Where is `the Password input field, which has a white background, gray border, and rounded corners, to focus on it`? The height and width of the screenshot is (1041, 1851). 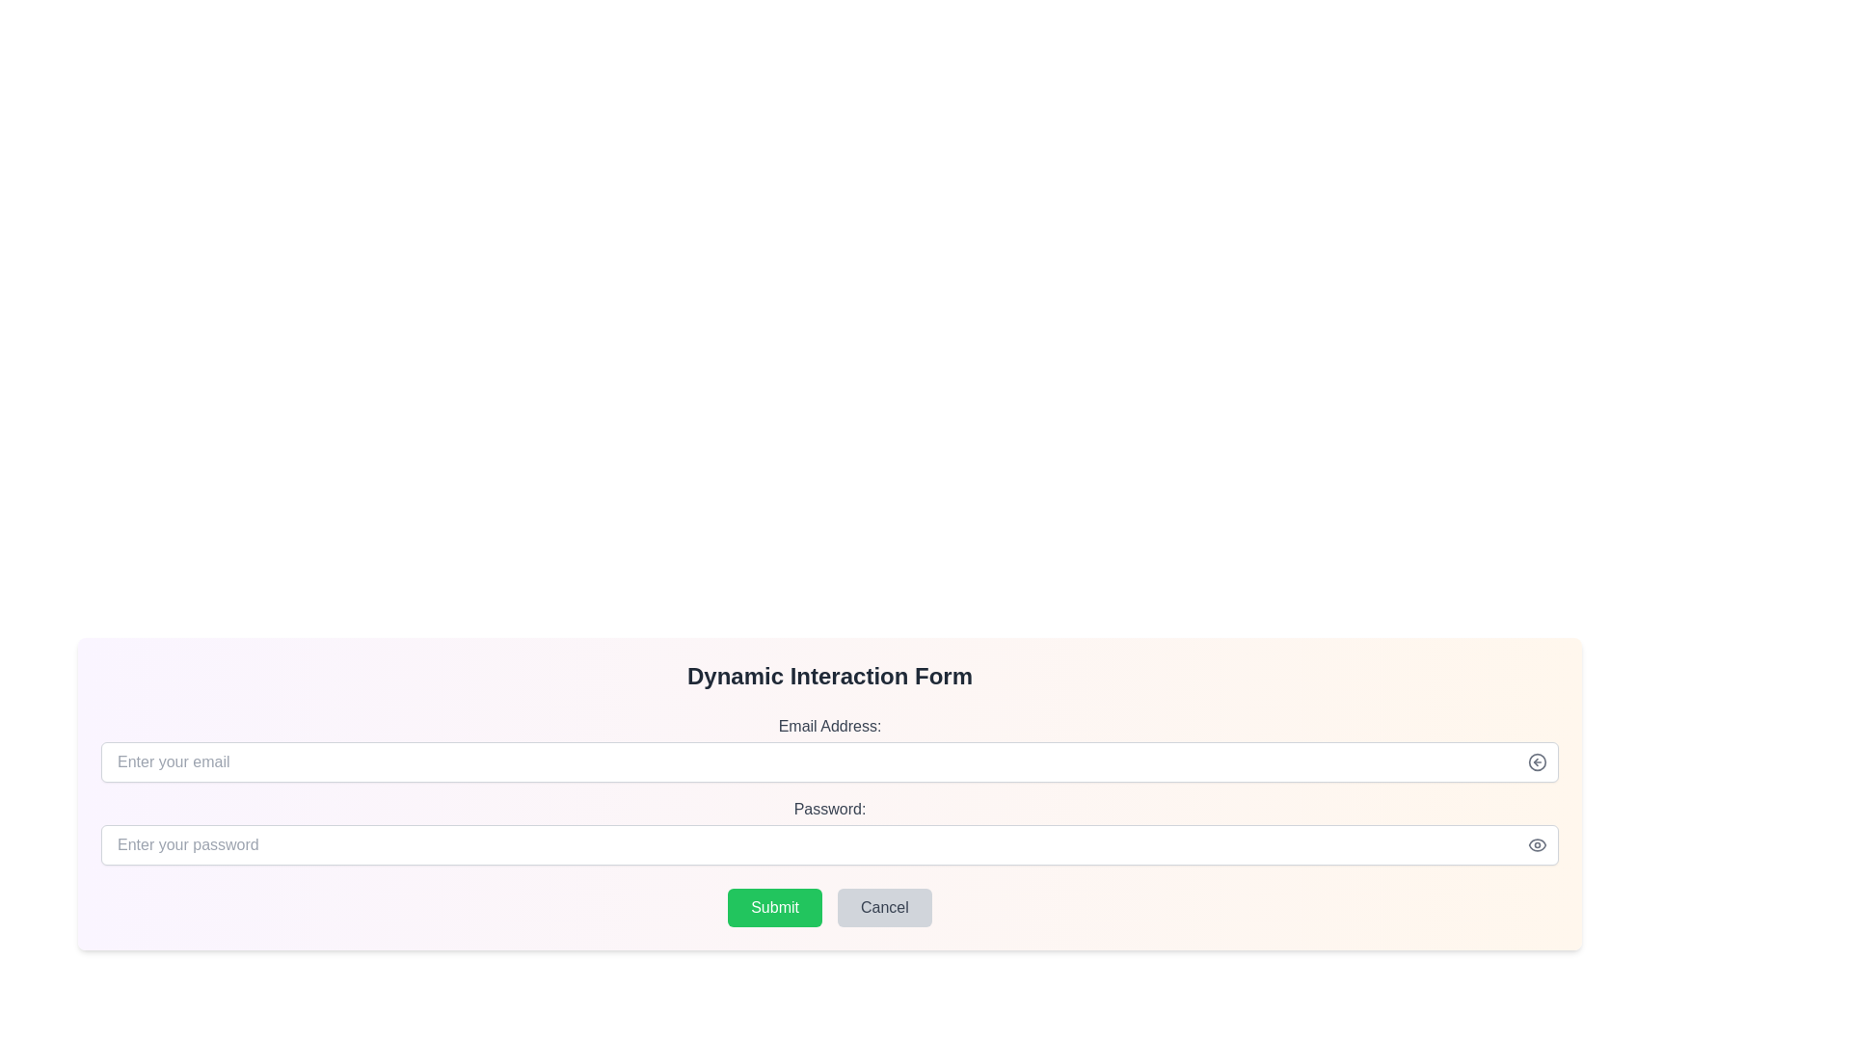
the Password input field, which has a white background, gray border, and rounded corners, to focus on it is located at coordinates (829, 843).